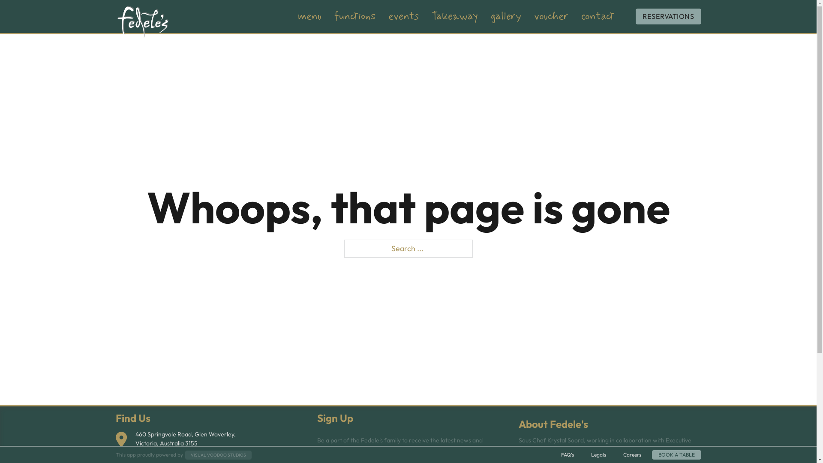 Image resolution: width=823 pixels, height=463 pixels. What do you see at coordinates (218, 454) in the screenshot?
I see `'VISUAL VOODOO STUDIOS'` at bounding box center [218, 454].